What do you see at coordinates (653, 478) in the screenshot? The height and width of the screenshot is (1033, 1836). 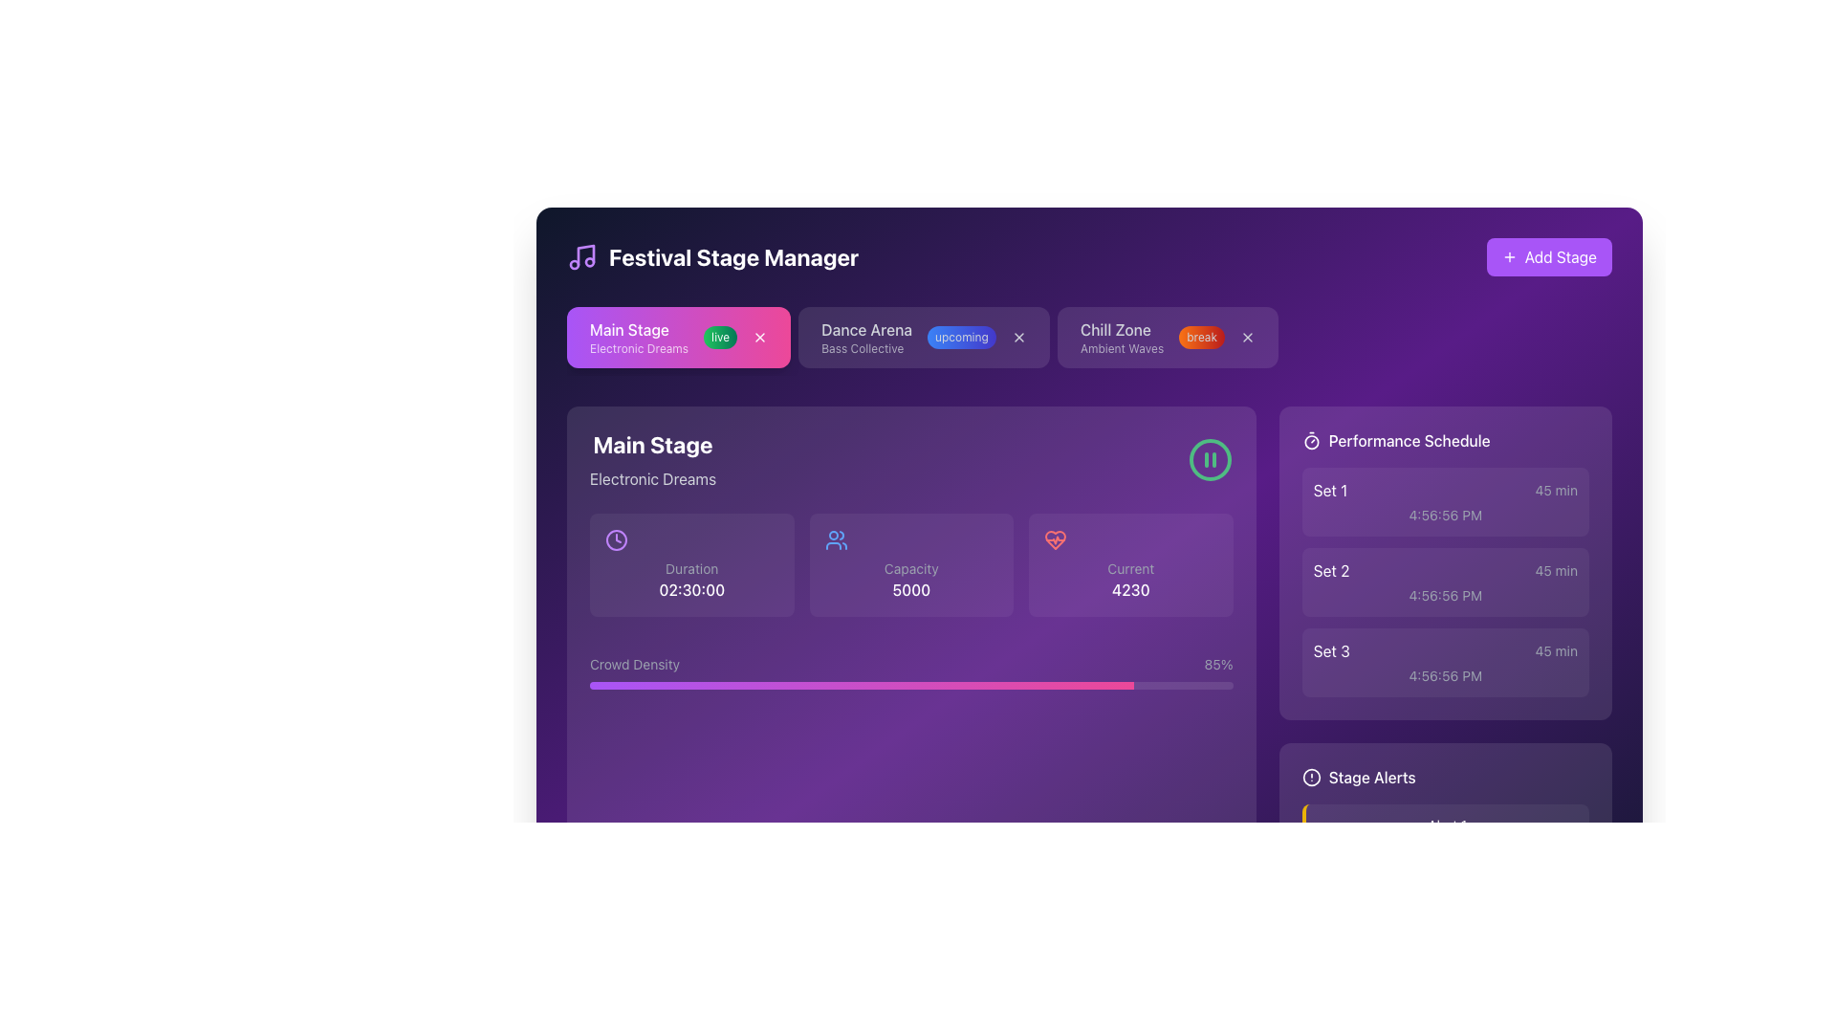 I see `the text label indicating the name or title of the event associated with the 'Main Stage', which is located beneath the bolded 'Main Stage' text within the 'Festival Stage Manager' interface` at bounding box center [653, 478].